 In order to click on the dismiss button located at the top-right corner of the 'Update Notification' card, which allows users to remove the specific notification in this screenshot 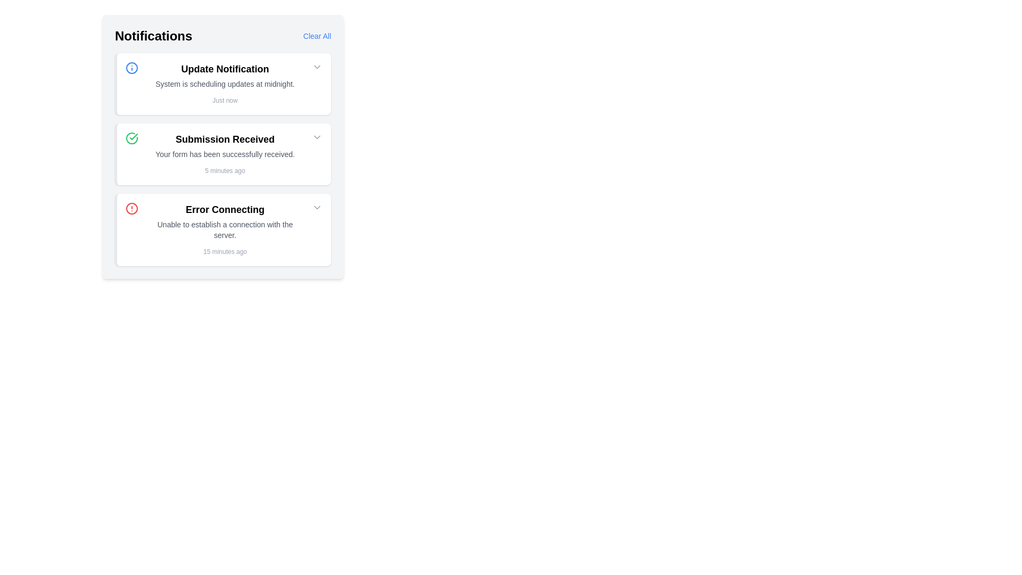, I will do `click(316, 67)`.